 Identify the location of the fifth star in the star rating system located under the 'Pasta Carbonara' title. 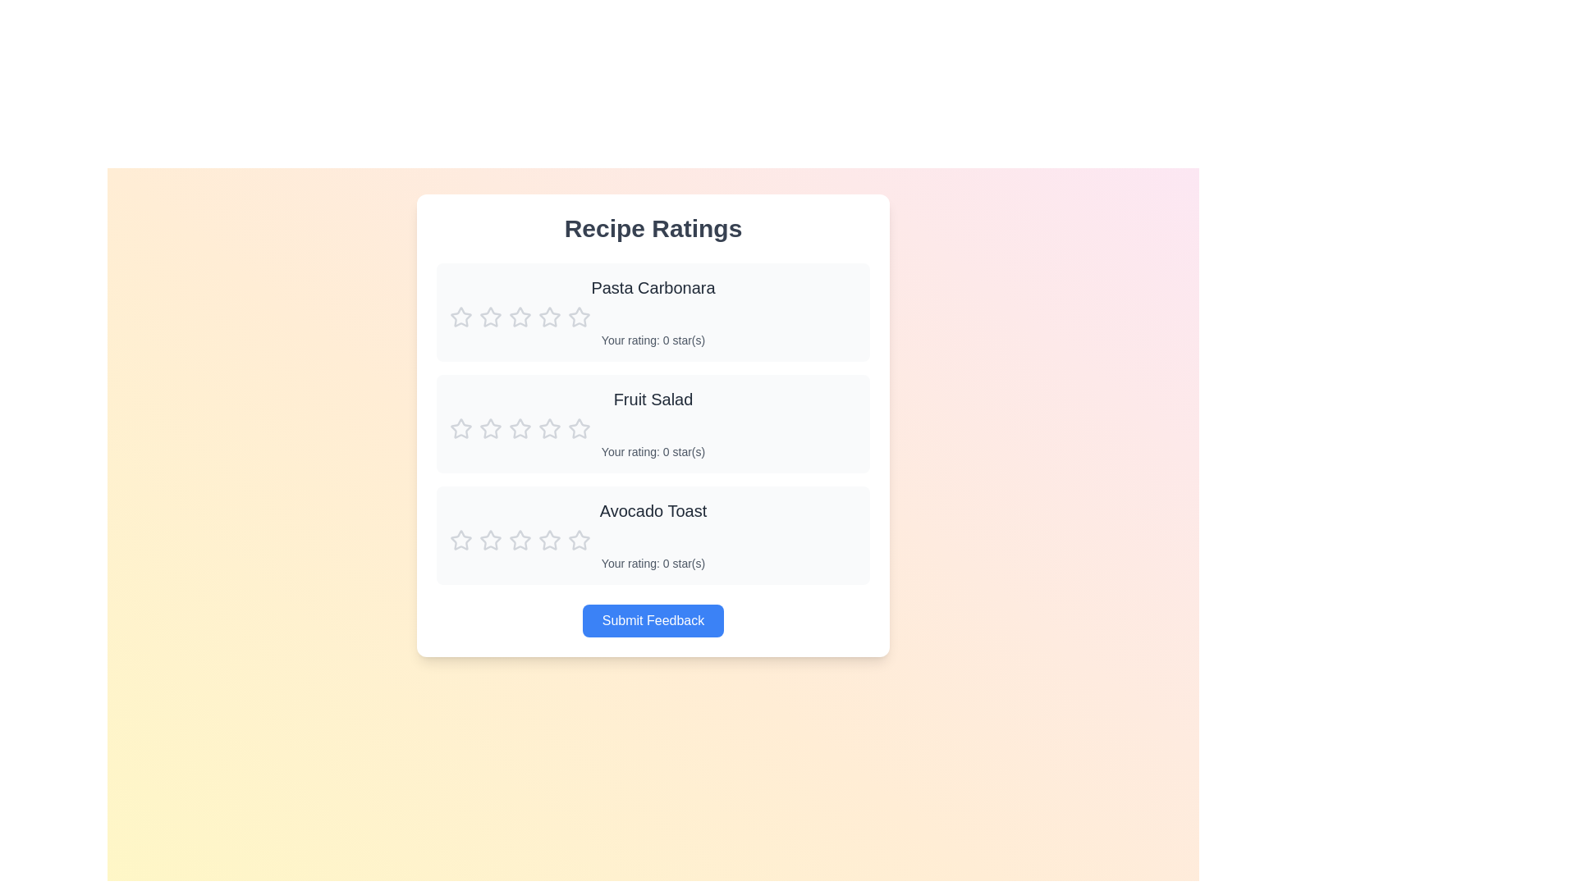
(550, 317).